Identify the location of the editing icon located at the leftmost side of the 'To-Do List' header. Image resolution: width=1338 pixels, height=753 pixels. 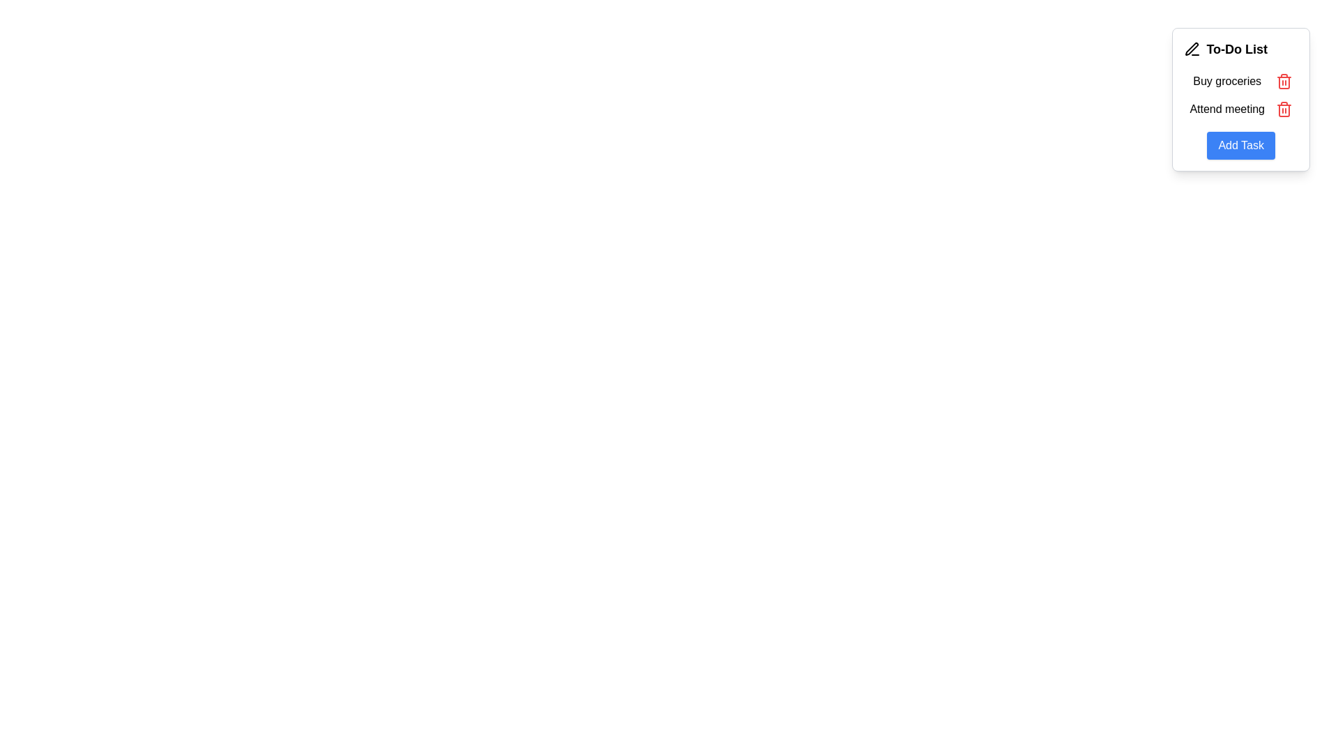
(1192, 48).